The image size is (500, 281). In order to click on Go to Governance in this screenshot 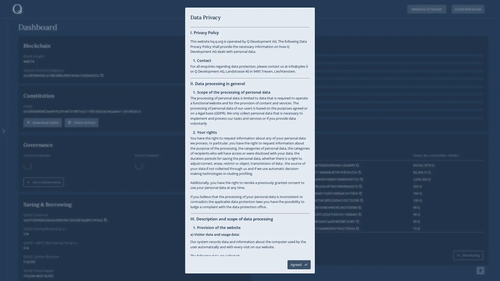, I will do `click(43, 175)`.